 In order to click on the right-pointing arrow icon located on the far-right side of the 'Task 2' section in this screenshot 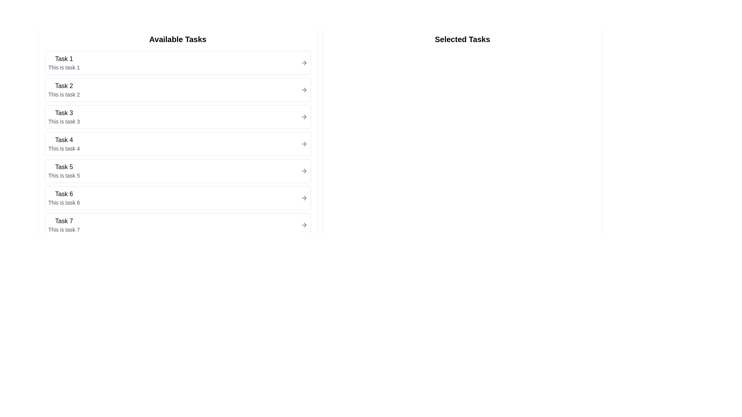, I will do `click(303, 89)`.